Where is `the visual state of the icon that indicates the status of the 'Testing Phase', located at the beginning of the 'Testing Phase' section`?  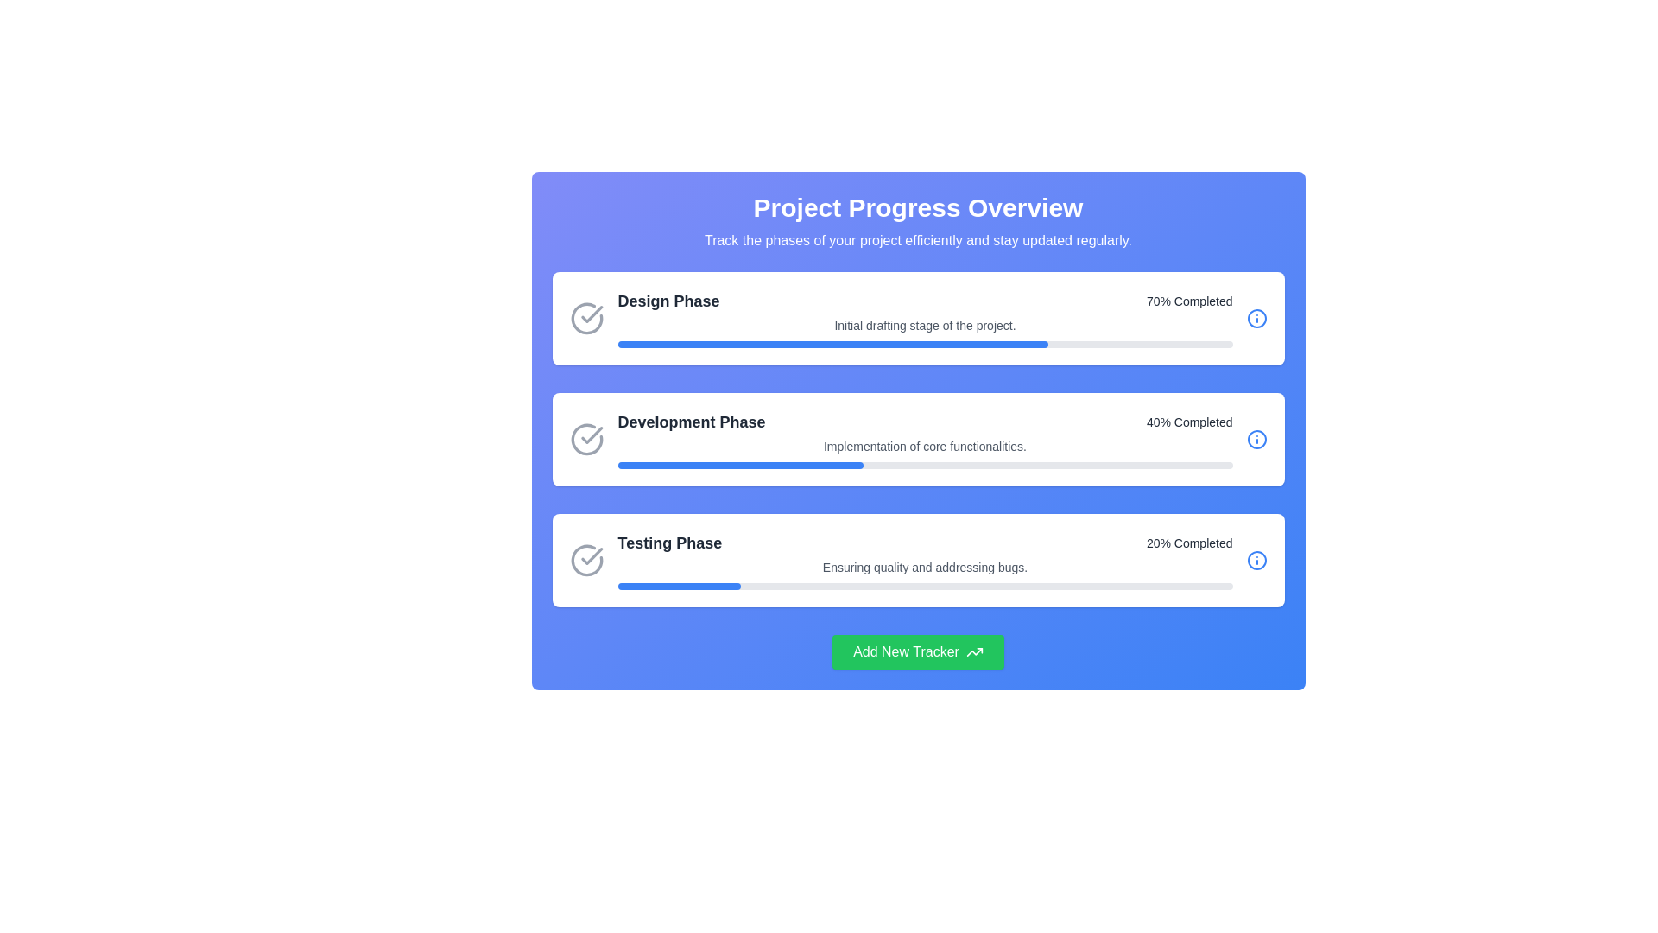
the visual state of the icon that indicates the status of the 'Testing Phase', located at the beginning of the 'Testing Phase' section is located at coordinates (586, 560).